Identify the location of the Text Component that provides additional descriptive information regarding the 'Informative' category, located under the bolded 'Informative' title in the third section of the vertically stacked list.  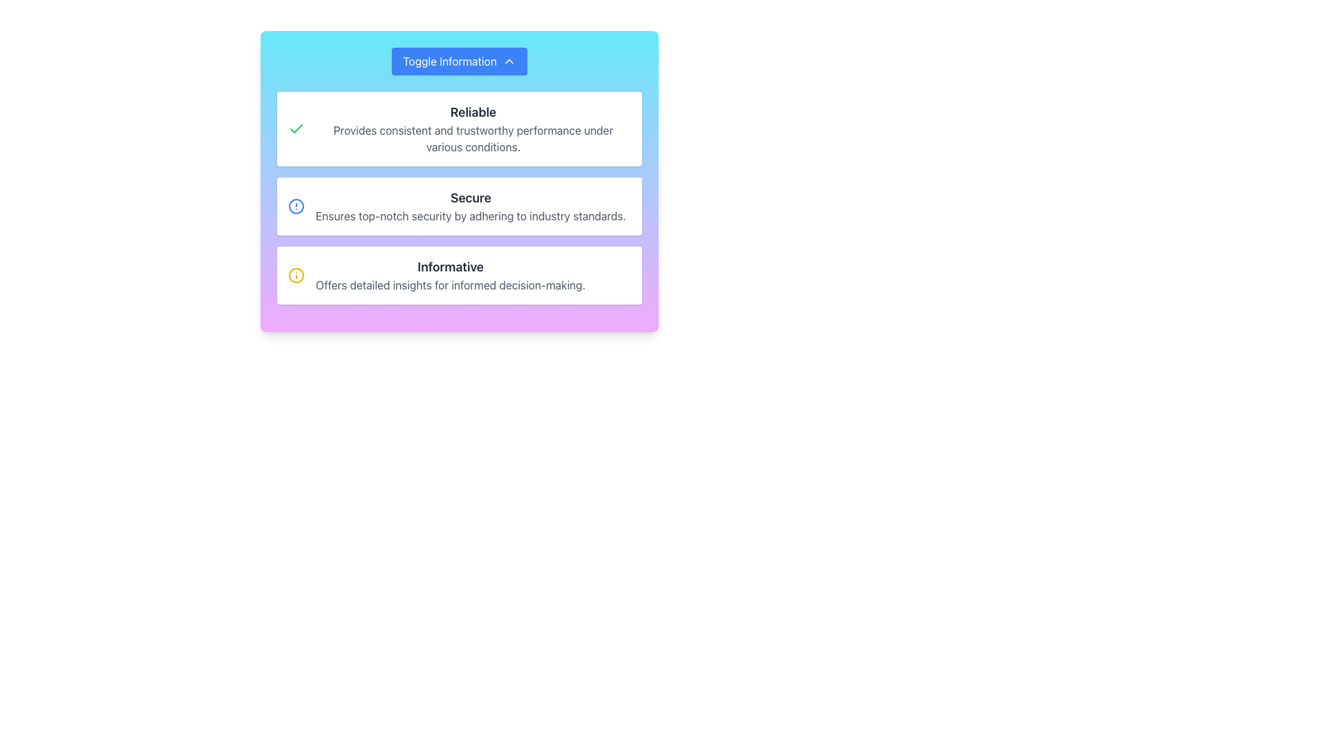
(451, 284).